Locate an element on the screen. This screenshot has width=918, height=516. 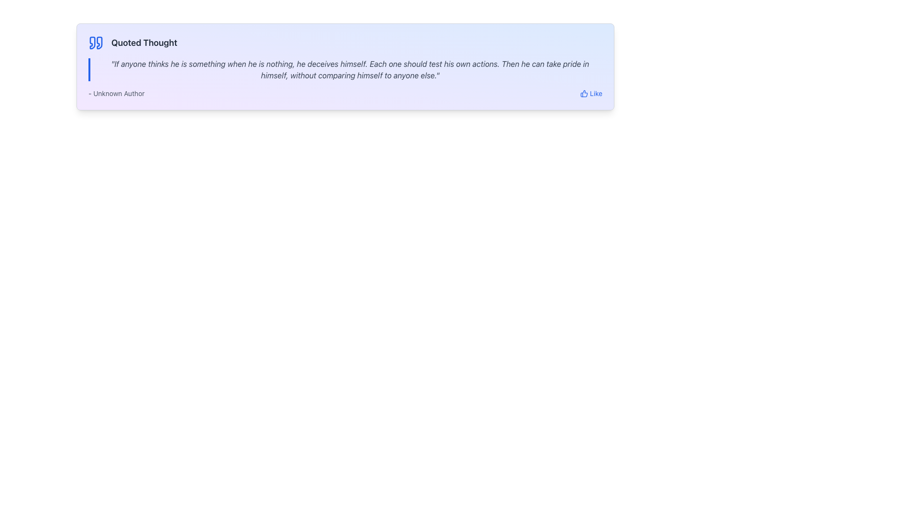
the blue thumbs-up icon located immediately to the left of the 'Like' text to indicate a 'Like' action is located at coordinates (583, 94).